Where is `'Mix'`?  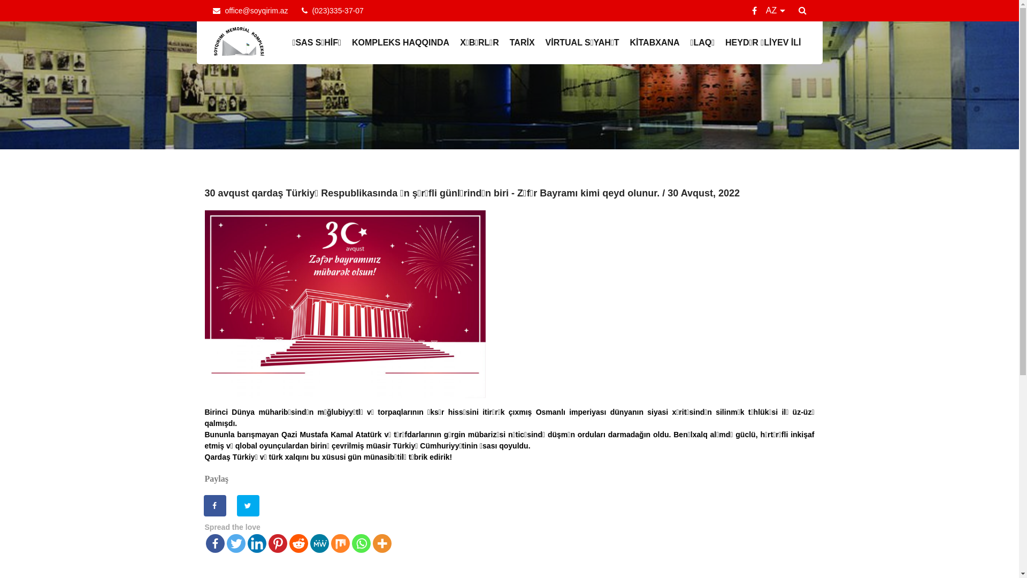 'Mix' is located at coordinates (339, 543).